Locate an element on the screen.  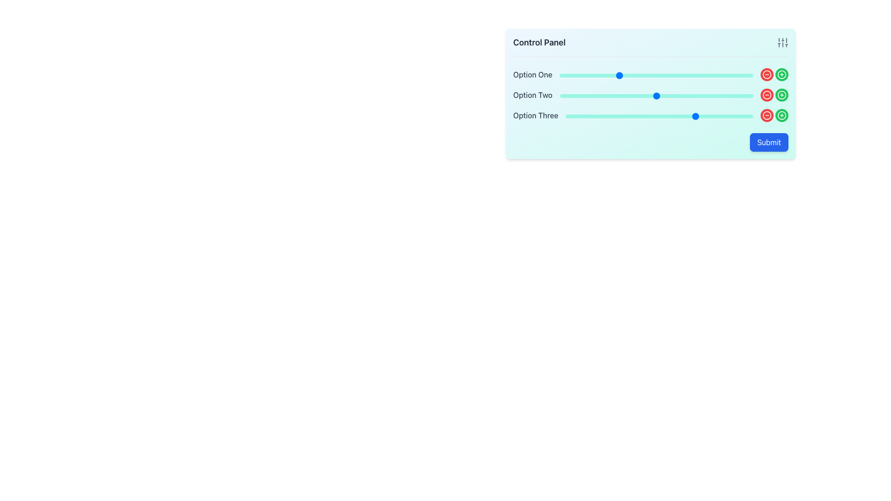
the right button in the Button Group associated with 'Option Two' to increase the value is located at coordinates (775, 95).